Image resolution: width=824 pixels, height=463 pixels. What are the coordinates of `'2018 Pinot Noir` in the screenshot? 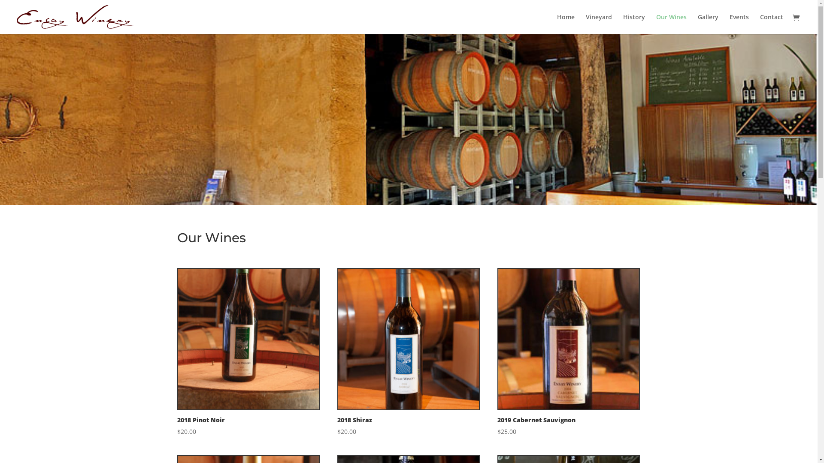 It's located at (247, 352).